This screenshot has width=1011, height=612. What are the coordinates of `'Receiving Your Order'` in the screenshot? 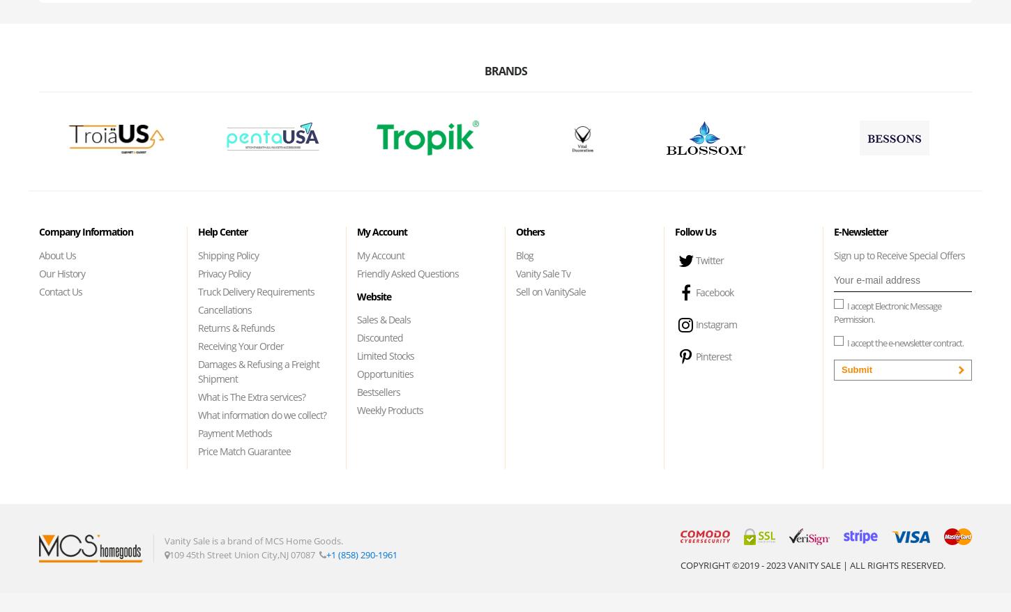 It's located at (241, 345).